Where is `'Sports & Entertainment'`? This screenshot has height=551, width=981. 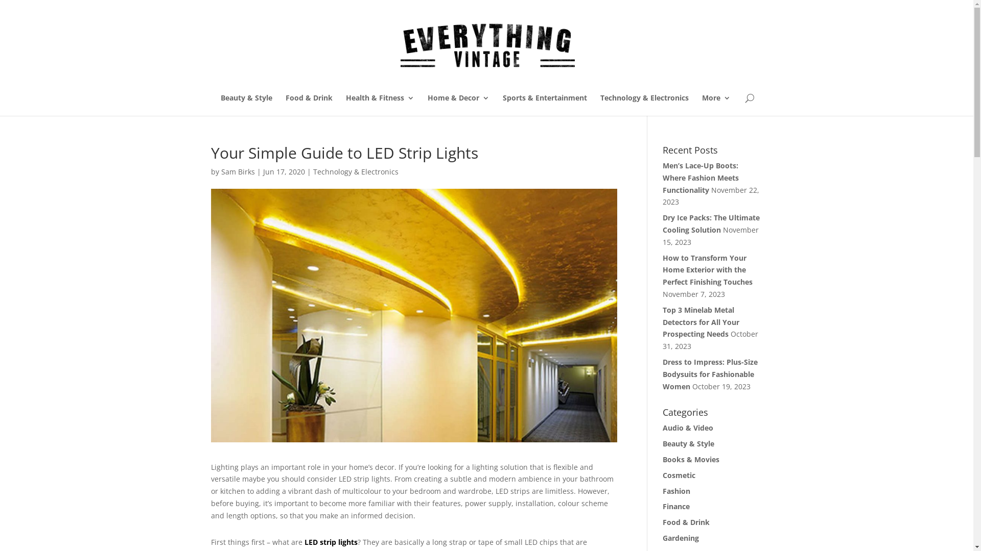
'Sports & Entertainment' is located at coordinates (544, 105).